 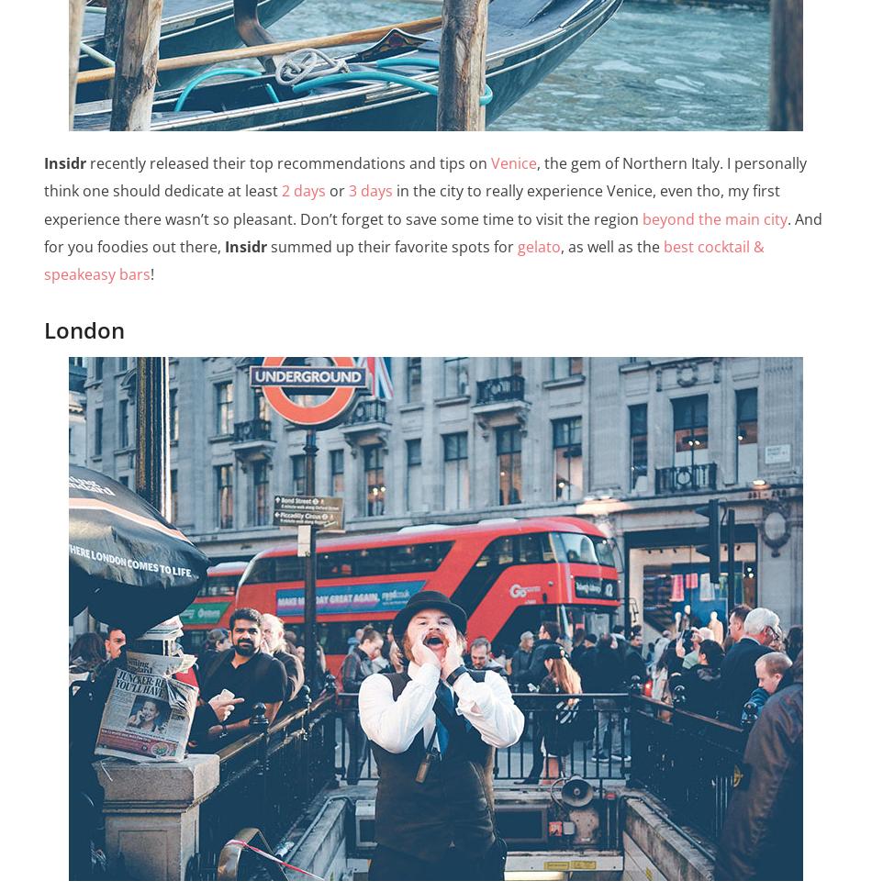 What do you see at coordinates (423, 175) in the screenshot?
I see `', the gem of Northern Italy. I personally think one should dedicate at least'` at bounding box center [423, 175].